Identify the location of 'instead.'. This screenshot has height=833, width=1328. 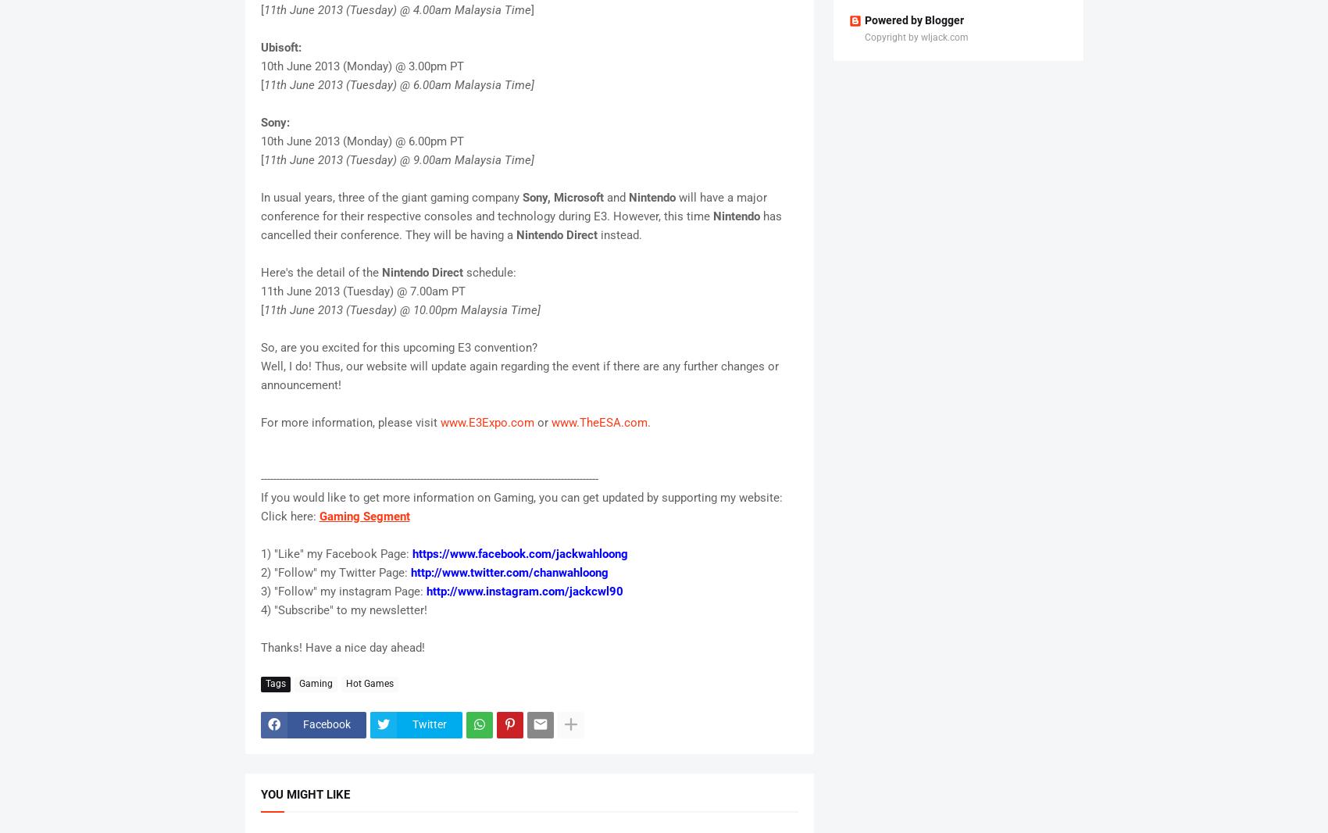
(619, 234).